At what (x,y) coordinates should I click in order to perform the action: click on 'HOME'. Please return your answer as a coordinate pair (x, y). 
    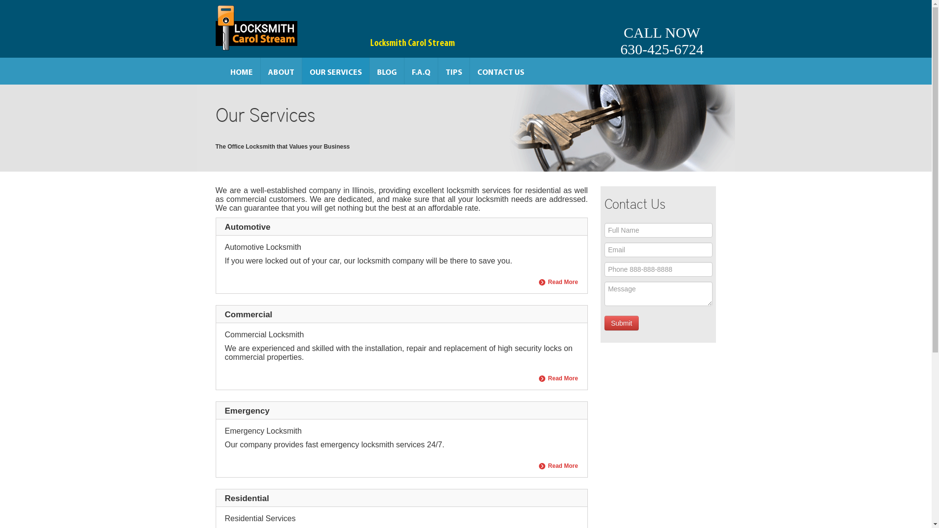
    Looking at the image, I should click on (223, 70).